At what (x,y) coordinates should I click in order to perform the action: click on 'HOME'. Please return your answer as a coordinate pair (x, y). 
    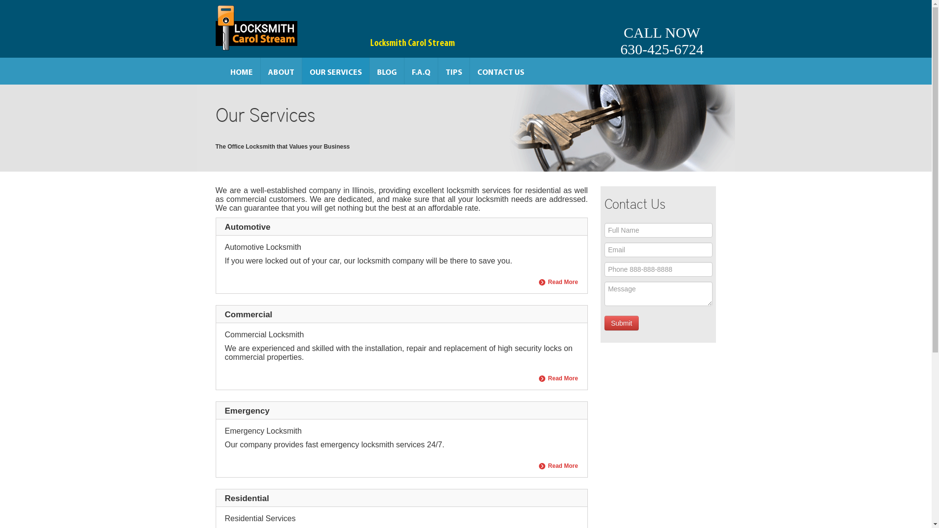
    Looking at the image, I should click on (223, 70).